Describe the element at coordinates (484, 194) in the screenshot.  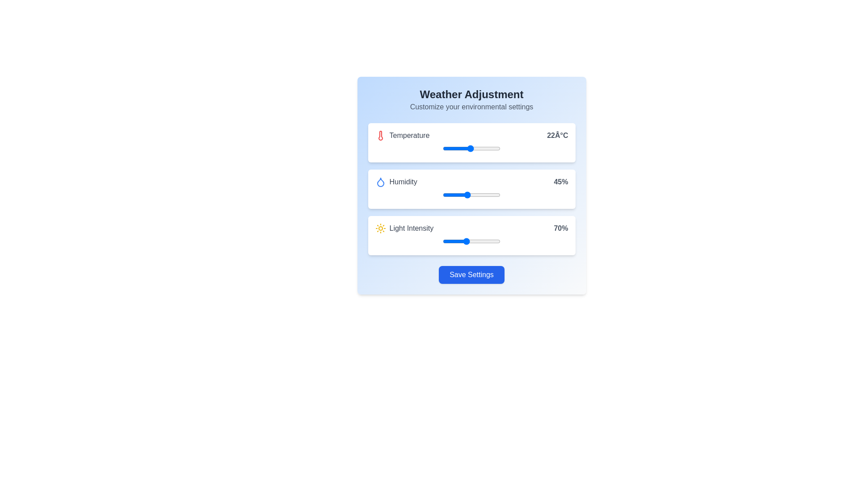
I see `the humidity level` at that location.